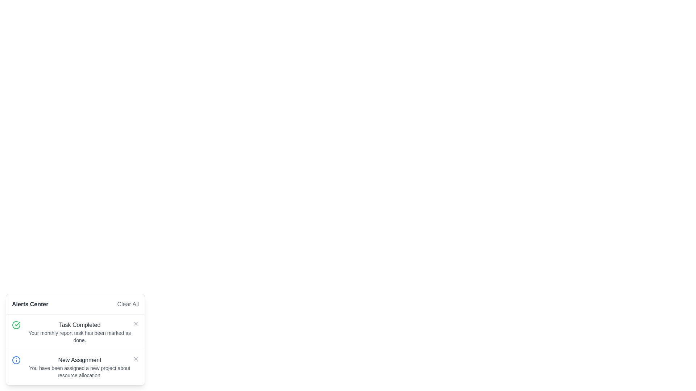  Describe the element at coordinates (16, 325) in the screenshot. I see `the circular icon representing a checkmark in the 'Alerts Center' popup, which indicates 'Task Completed'` at that location.